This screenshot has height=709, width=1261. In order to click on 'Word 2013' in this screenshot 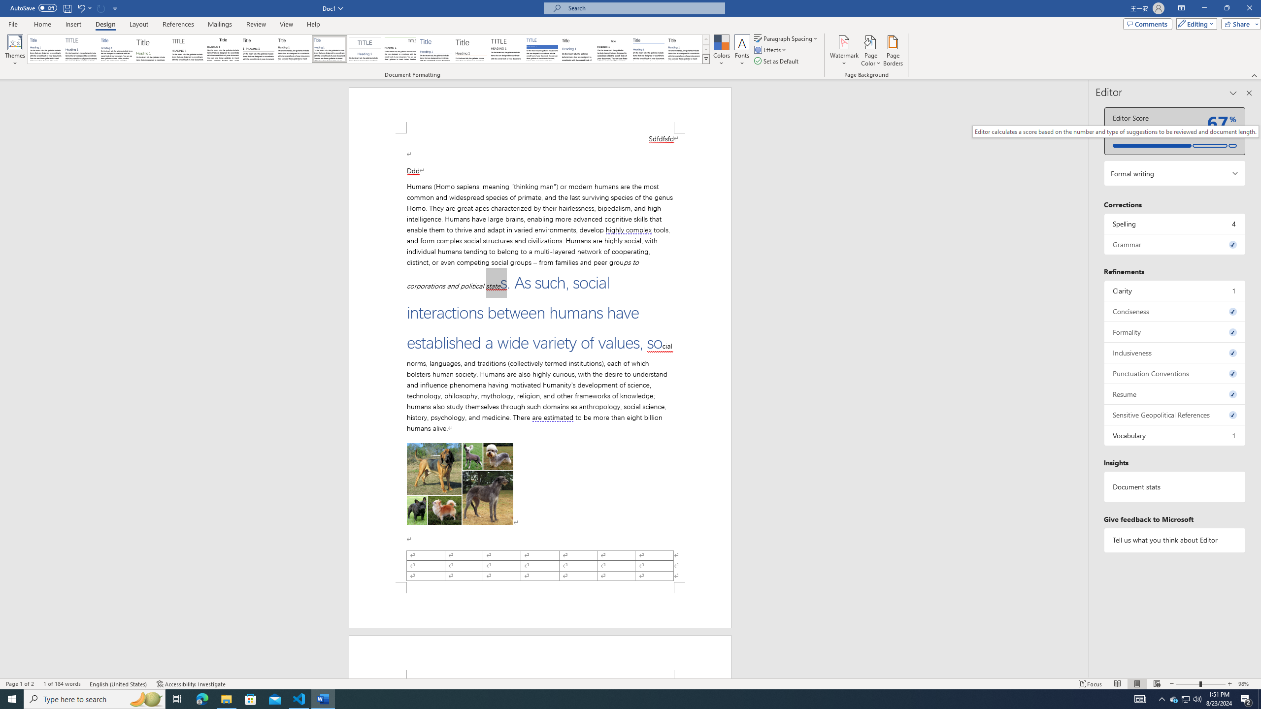, I will do `click(685, 49)`.